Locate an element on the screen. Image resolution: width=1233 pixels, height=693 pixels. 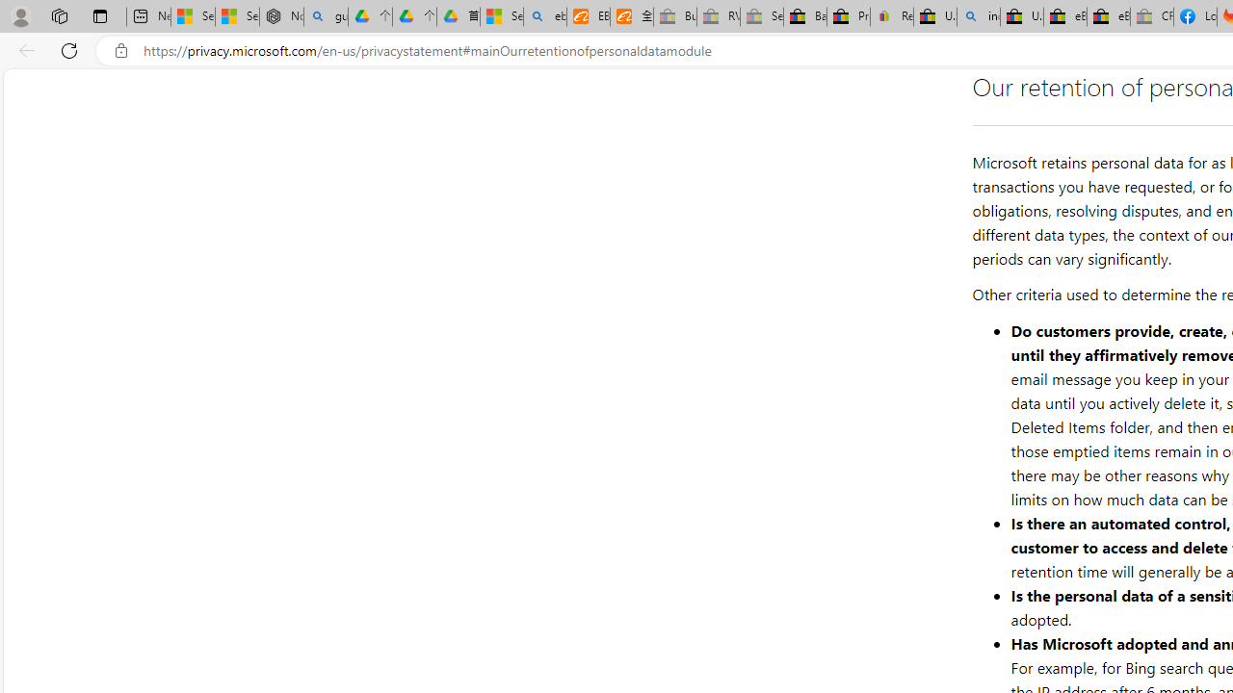
'Log into Facebook' is located at coordinates (1194, 16).